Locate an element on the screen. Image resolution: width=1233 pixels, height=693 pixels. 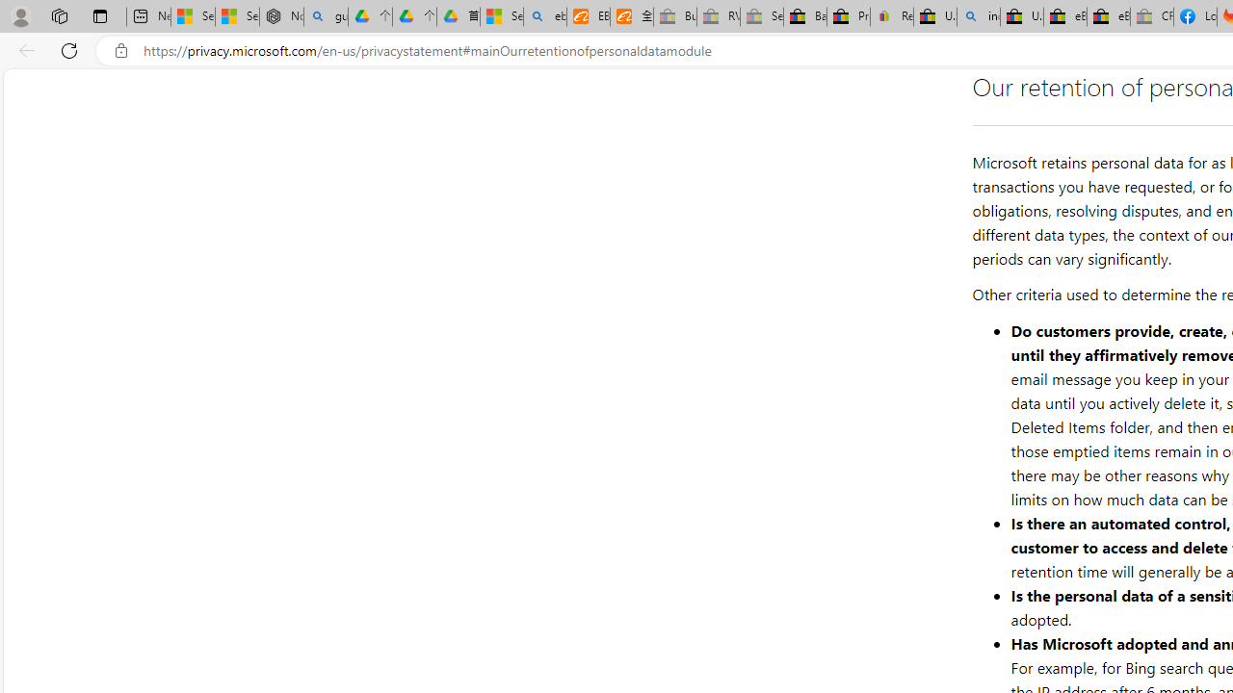
'Log into Facebook' is located at coordinates (1194, 16).